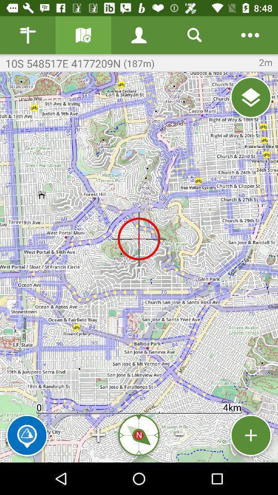 The height and width of the screenshot is (495, 278). Describe the element at coordinates (250, 35) in the screenshot. I see `more menu selections` at that location.